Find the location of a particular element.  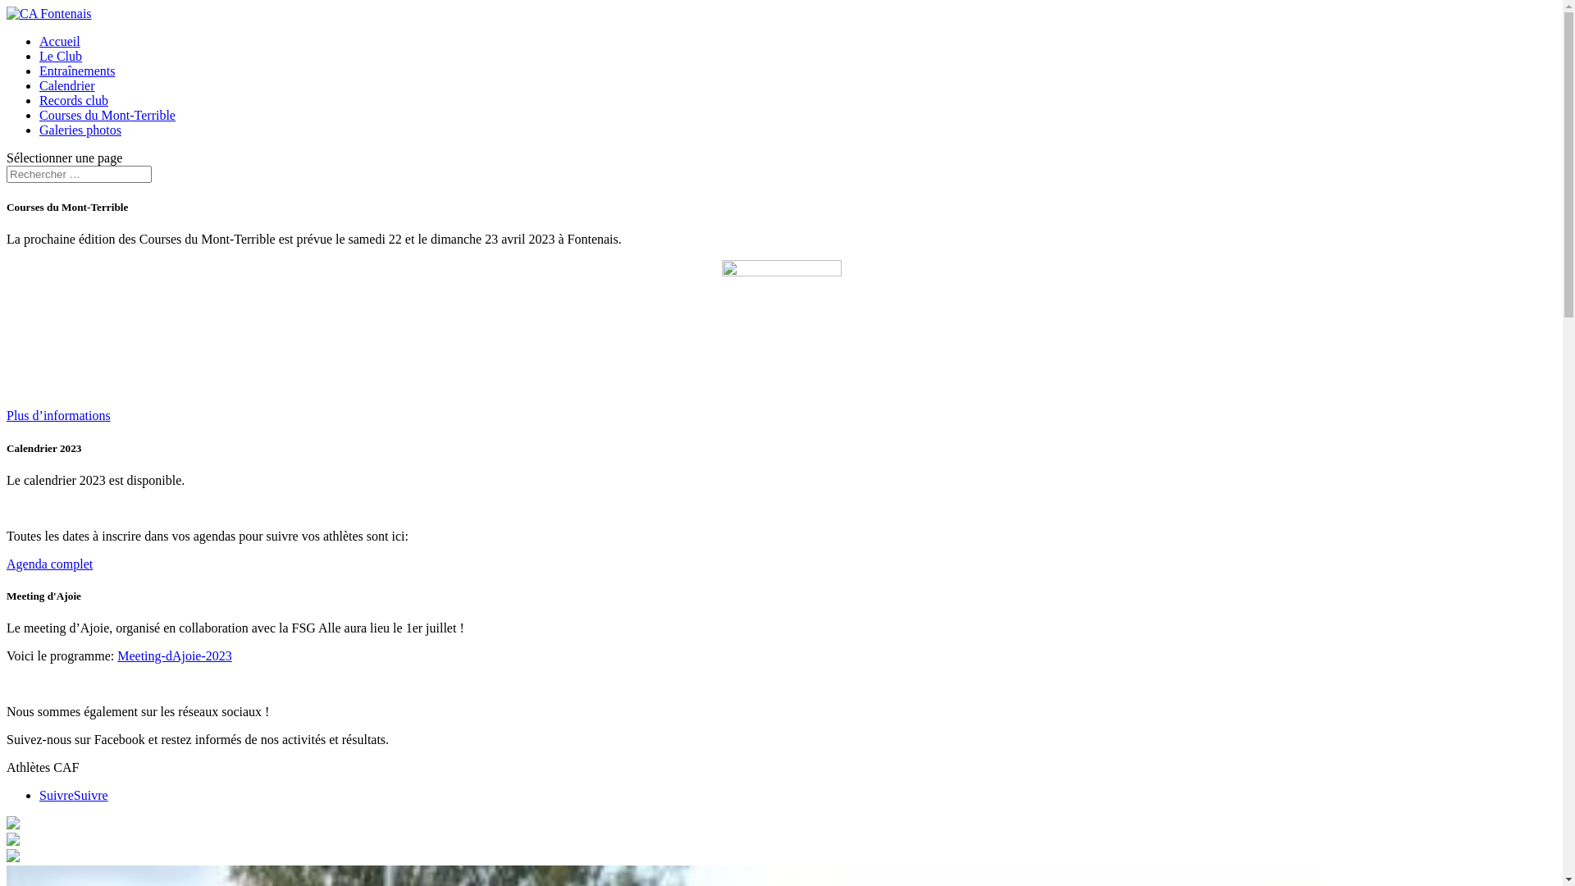

'Suivre' is located at coordinates (89, 794).